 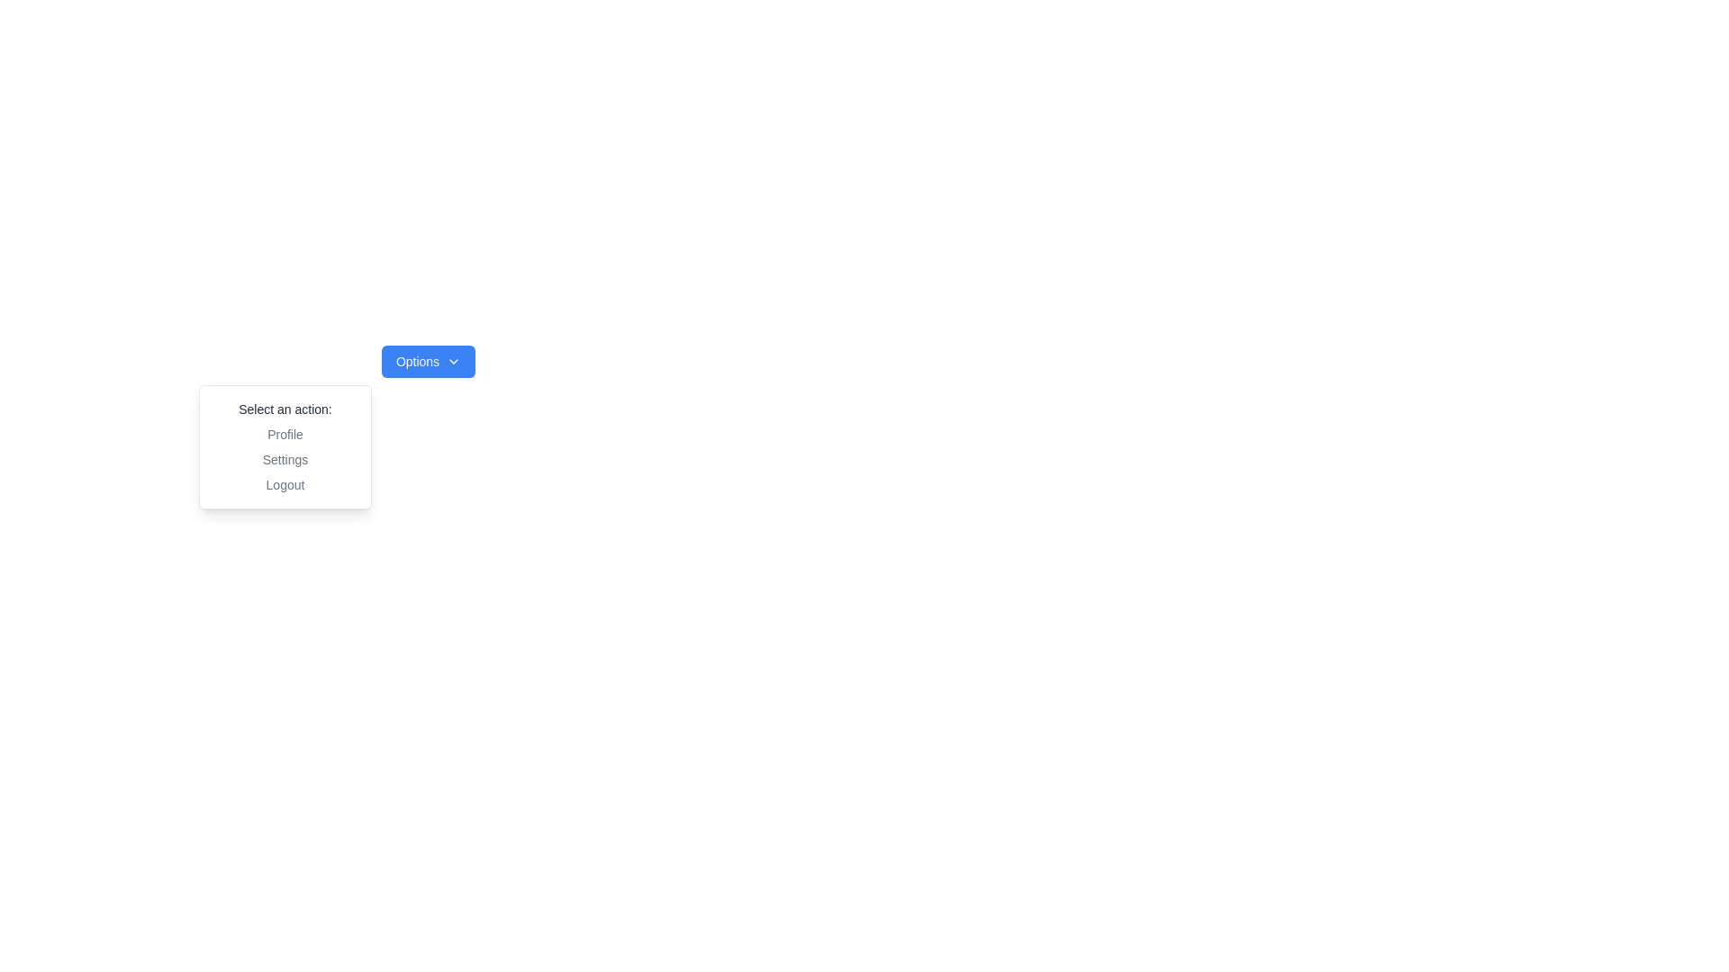 What do you see at coordinates (454, 361) in the screenshot?
I see `the downward-pointing chevron icon next to the 'Options' text` at bounding box center [454, 361].